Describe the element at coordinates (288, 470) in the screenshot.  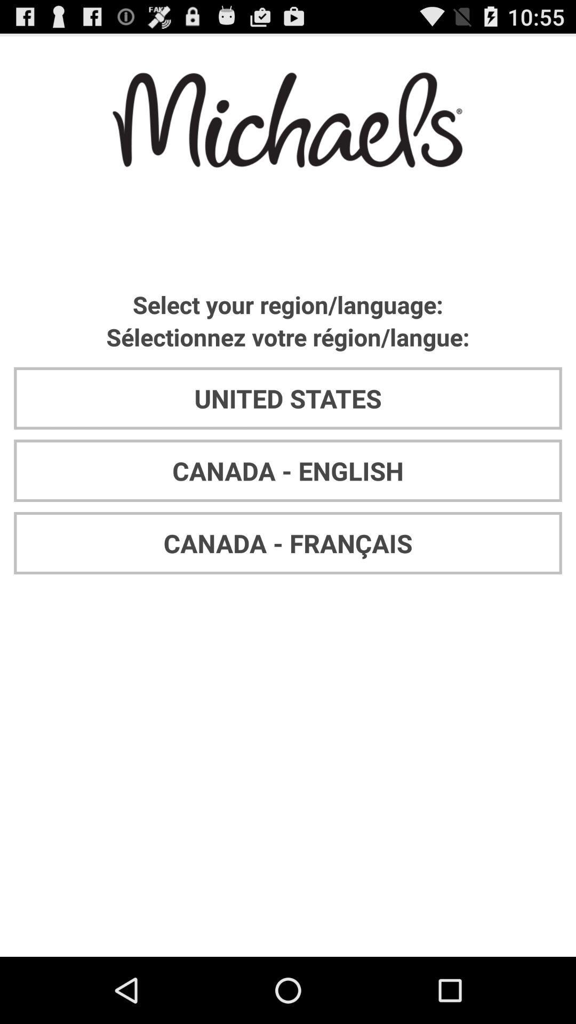
I see `the canada - english app` at that location.